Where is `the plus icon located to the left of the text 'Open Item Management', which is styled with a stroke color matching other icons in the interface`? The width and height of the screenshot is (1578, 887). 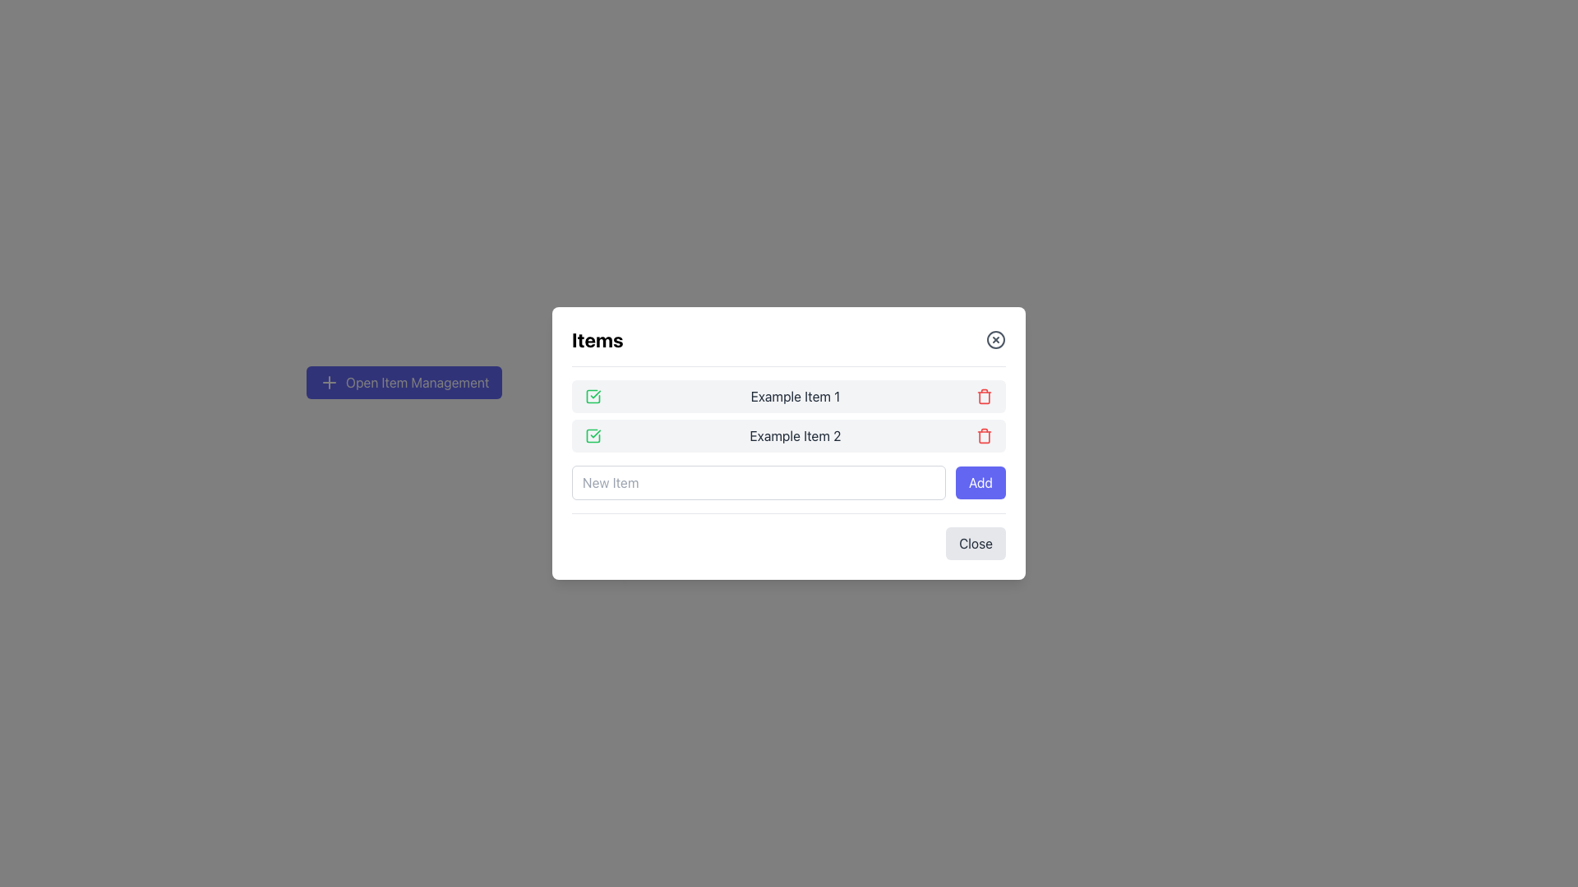 the plus icon located to the left of the text 'Open Item Management', which is styled with a stroke color matching other icons in the interface is located at coordinates (329, 383).